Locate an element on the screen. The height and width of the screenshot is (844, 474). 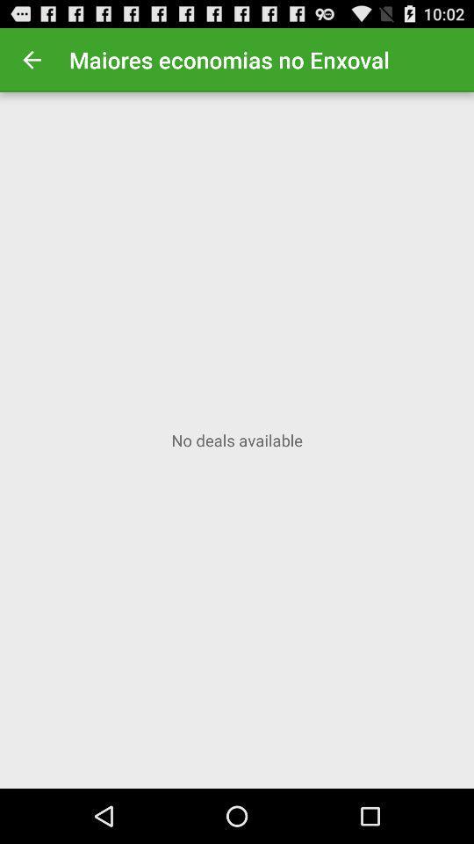
item next to the maiores economias no app is located at coordinates (32, 60).